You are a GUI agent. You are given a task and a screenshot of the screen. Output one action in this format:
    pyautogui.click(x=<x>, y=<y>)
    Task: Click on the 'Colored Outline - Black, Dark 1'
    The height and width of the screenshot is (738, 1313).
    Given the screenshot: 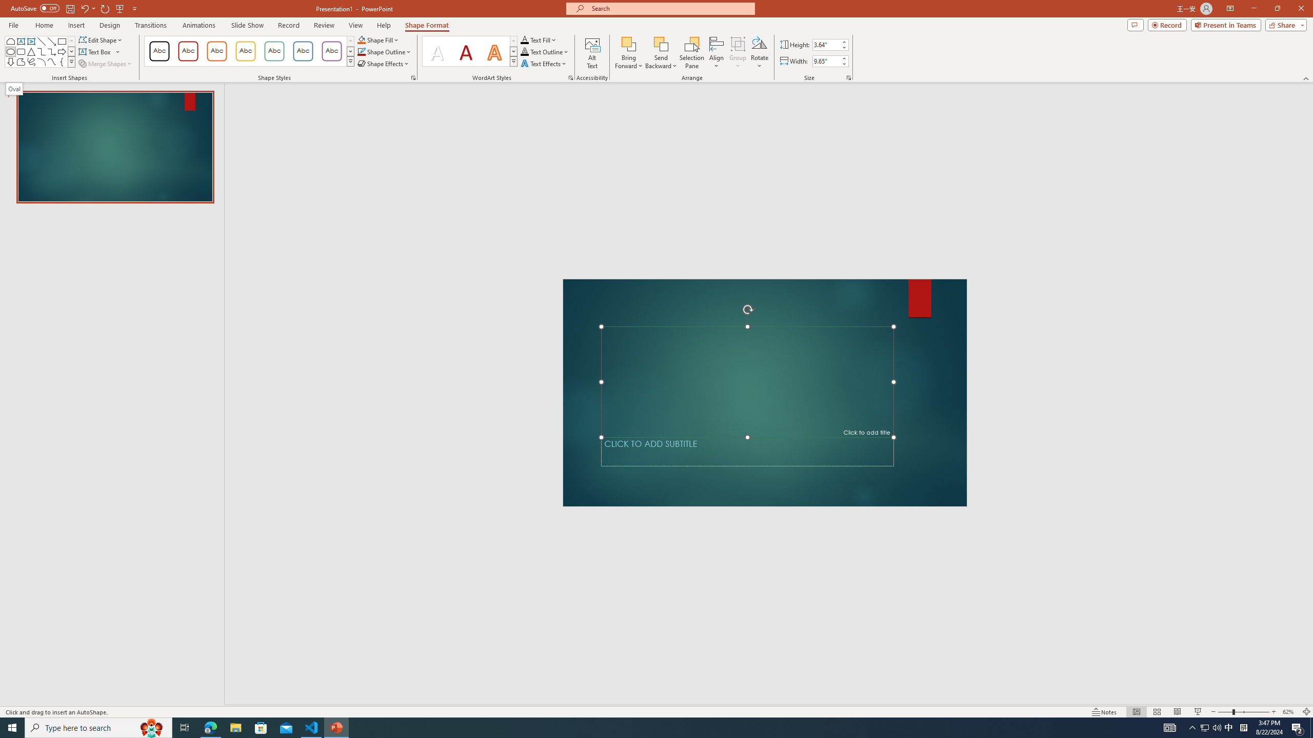 What is the action you would take?
    pyautogui.click(x=159, y=51)
    